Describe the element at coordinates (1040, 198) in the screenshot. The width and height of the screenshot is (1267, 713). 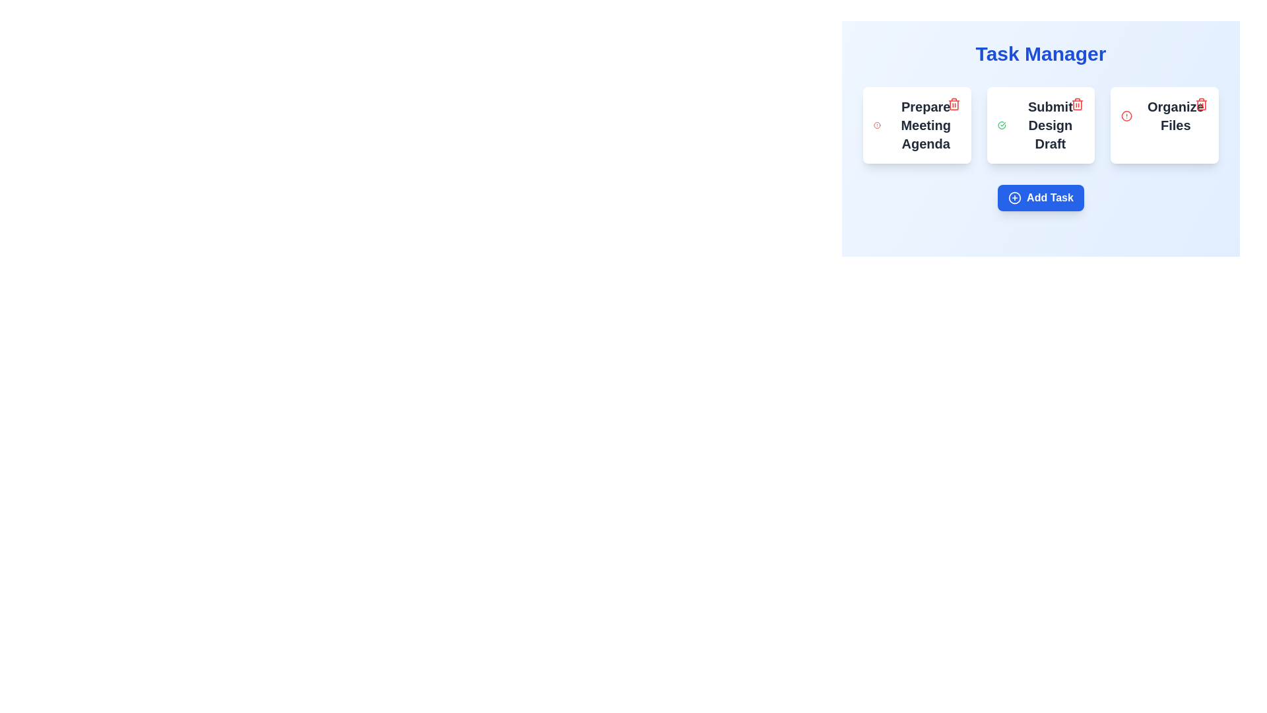
I see `the 'Add Task' button` at that location.